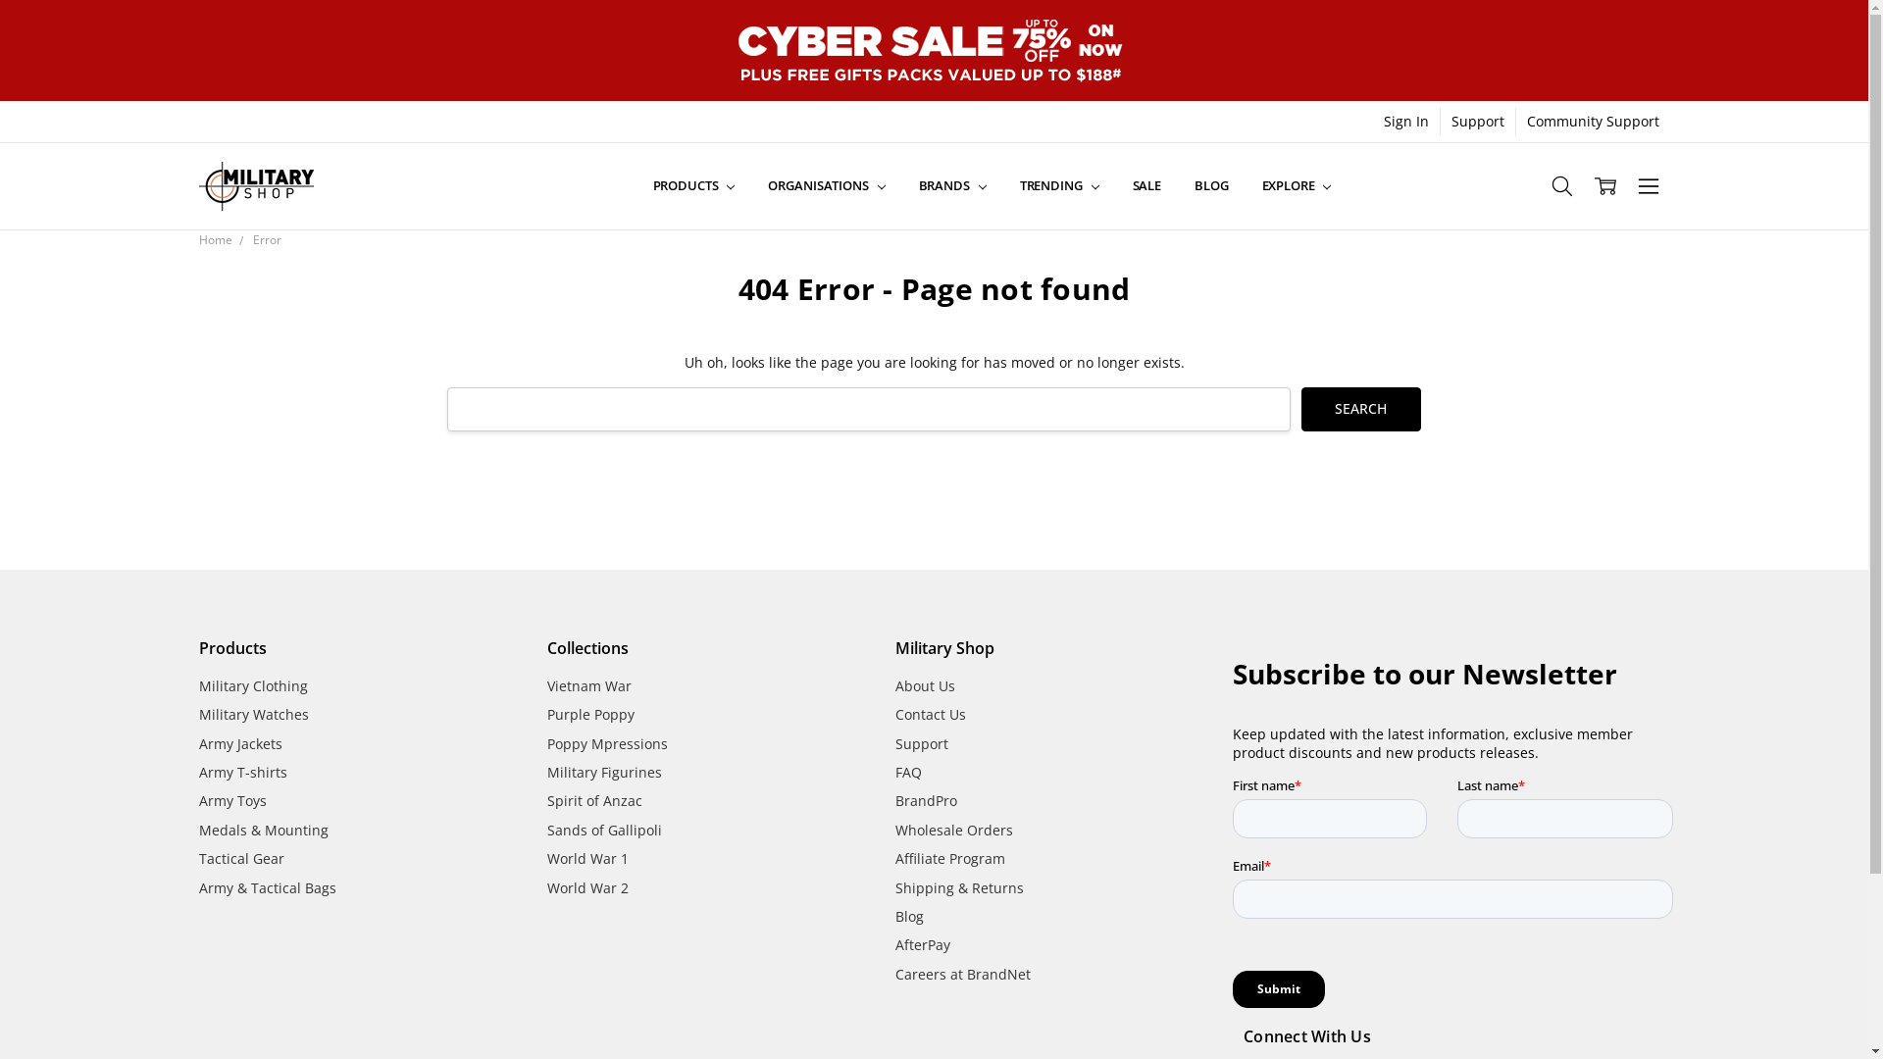  What do you see at coordinates (921, 943) in the screenshot?
I see `'AfterPay'` at bounding box center [921, 943].